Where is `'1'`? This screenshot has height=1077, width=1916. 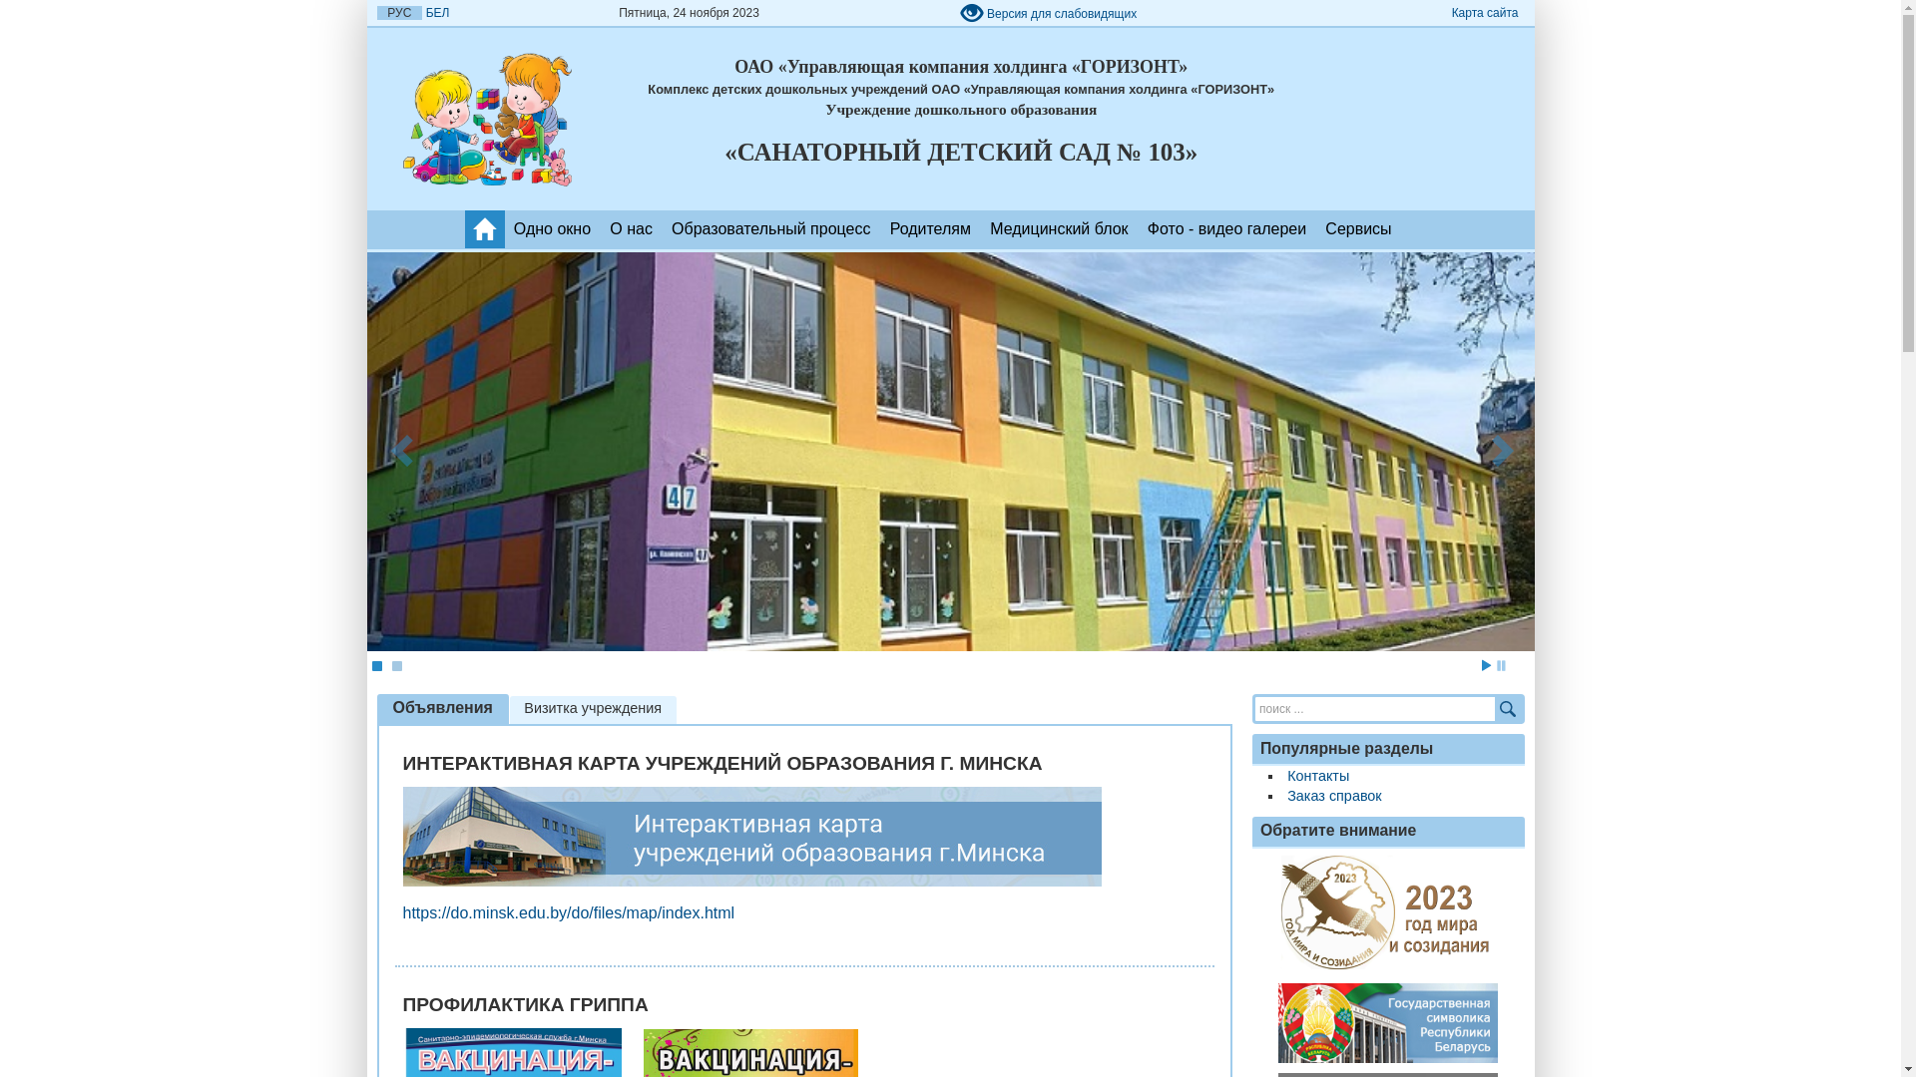
'1' is located at coordinates (376, 665).